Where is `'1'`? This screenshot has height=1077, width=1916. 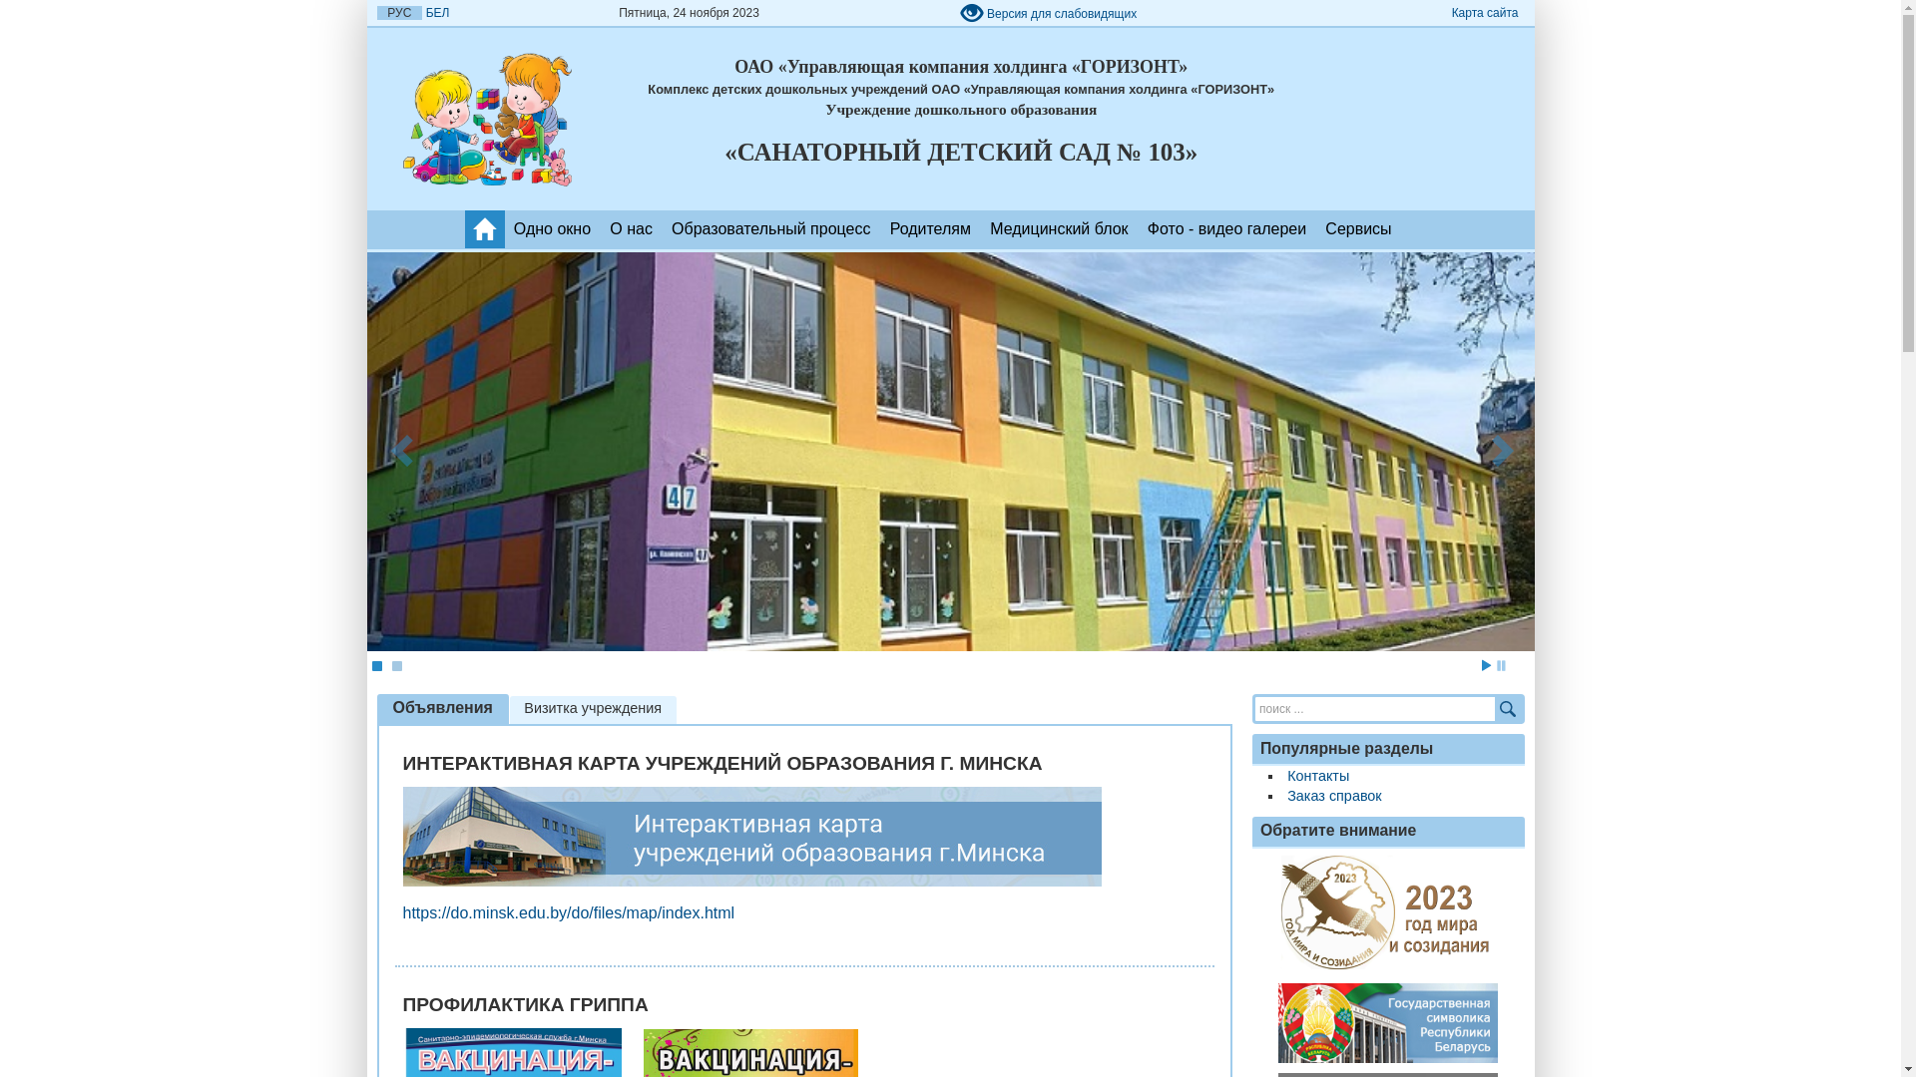
'1' is located at coordinates (376, 665).